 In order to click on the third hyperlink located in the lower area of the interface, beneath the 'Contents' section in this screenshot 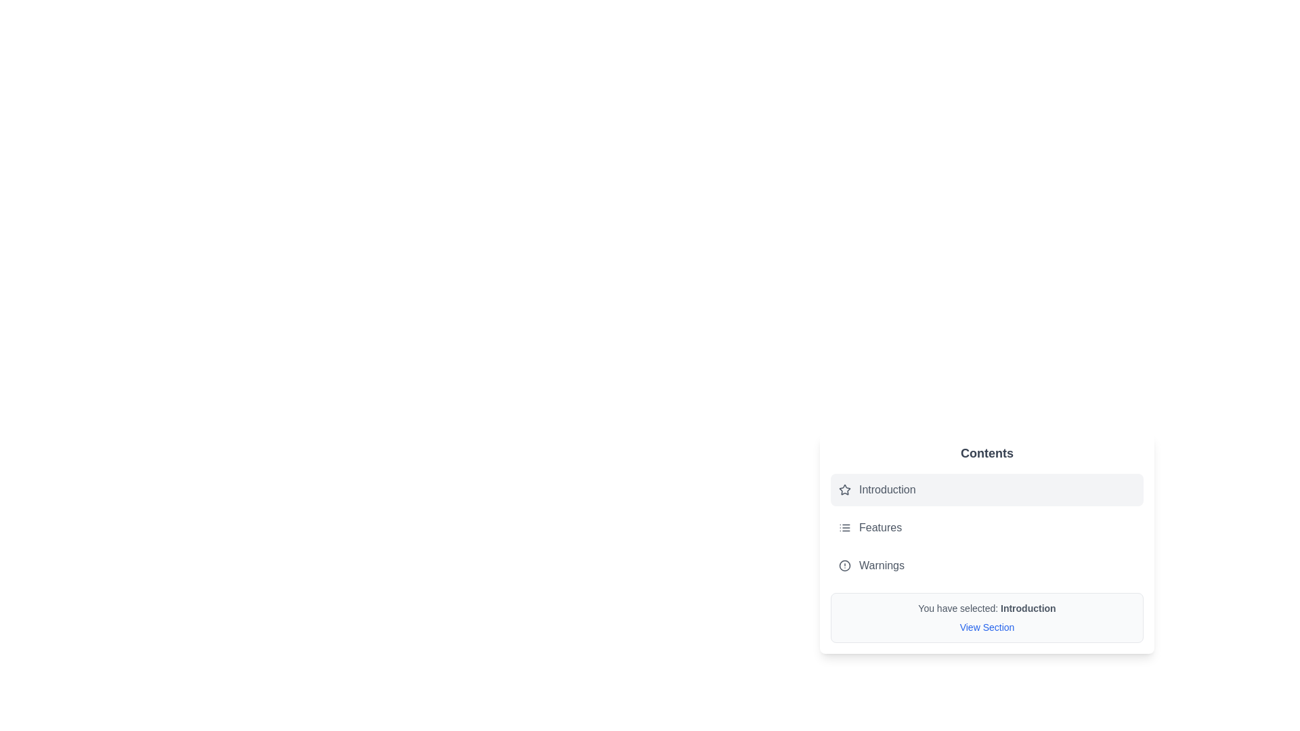, I will do `click(987, 627)`.